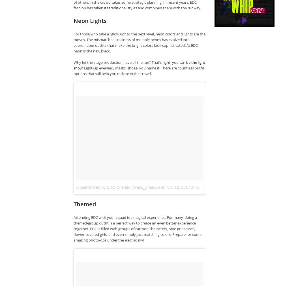  Describe the element at coordinates (159, 187) in the screenshot. I see `'on'` at that location.